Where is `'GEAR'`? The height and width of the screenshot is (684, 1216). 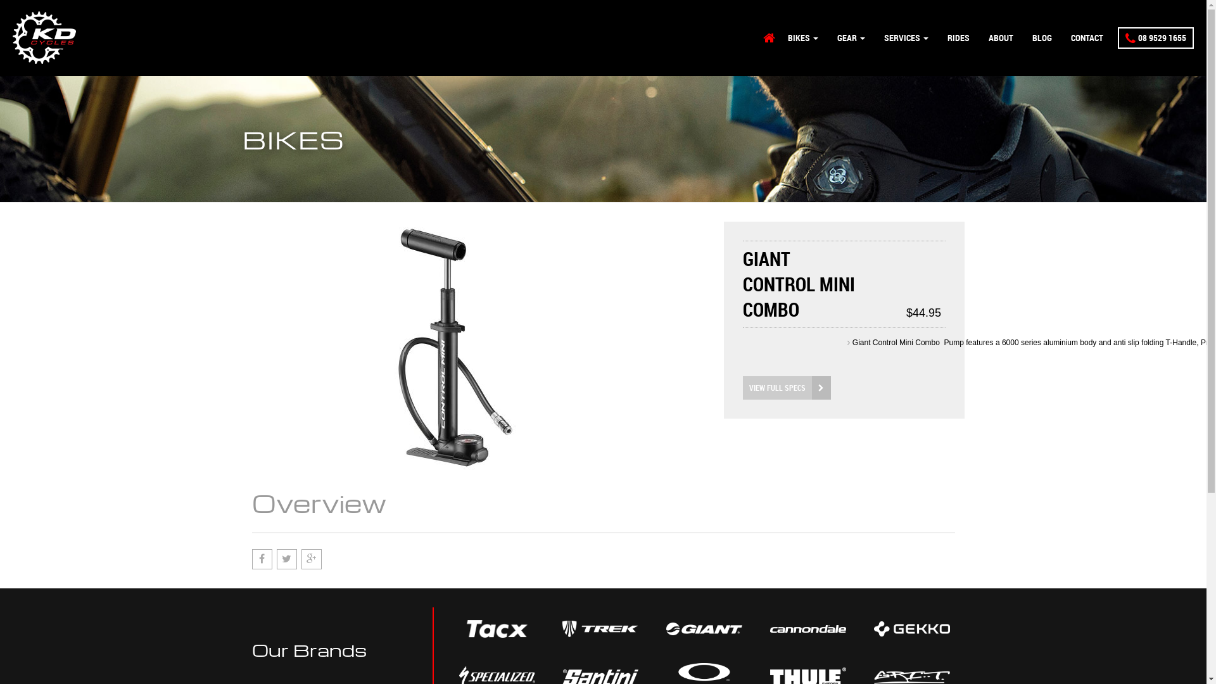
'GEAR' is located at coordinates (827, 37).